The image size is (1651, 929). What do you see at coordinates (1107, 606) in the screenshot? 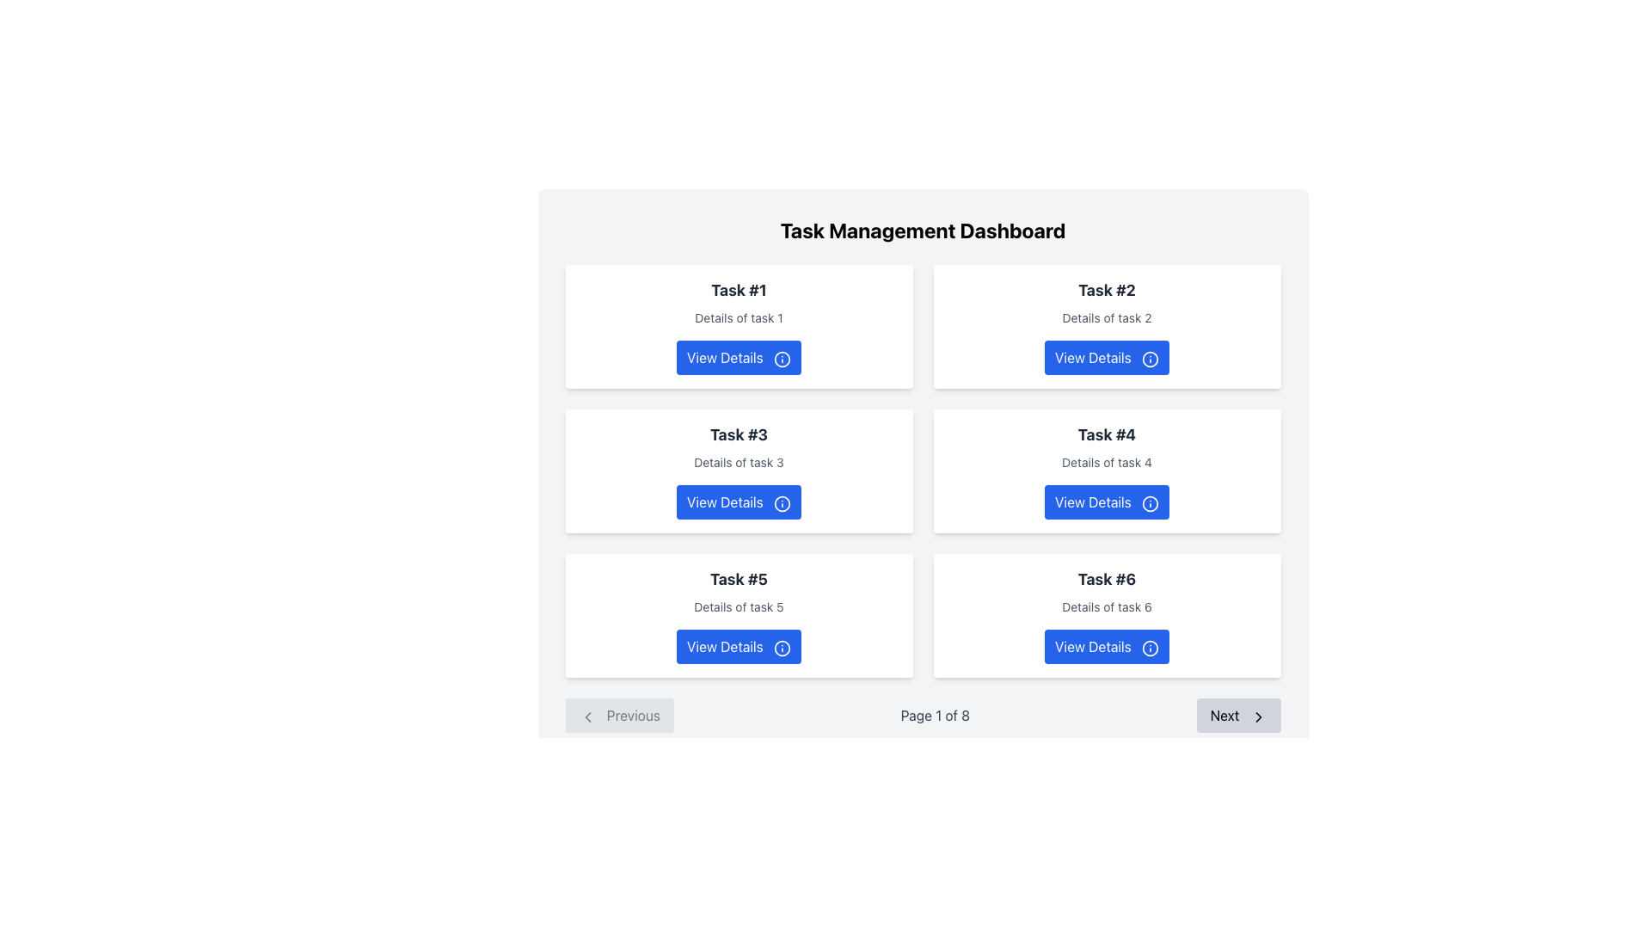
I see `the Text Label that provides descriptive information about the task, located below 'Task #6' and above the 'View Details' button` at bounding box center [1107, 606].